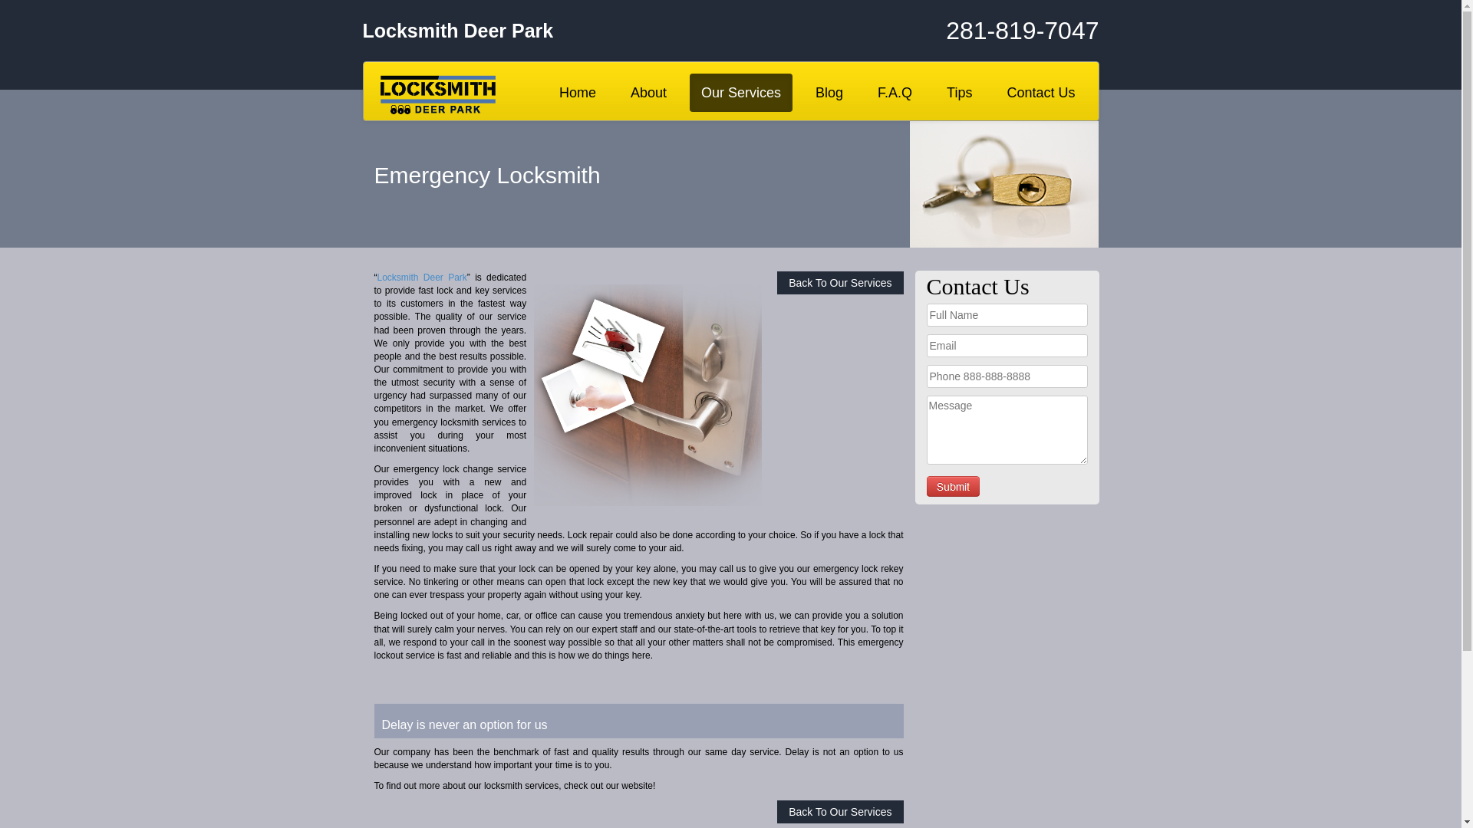 The image size is (1473, 828). What do you see at coordinates (828, 92) in the screenshot?
I see `'Blog'` at bounding box center [828, 92].